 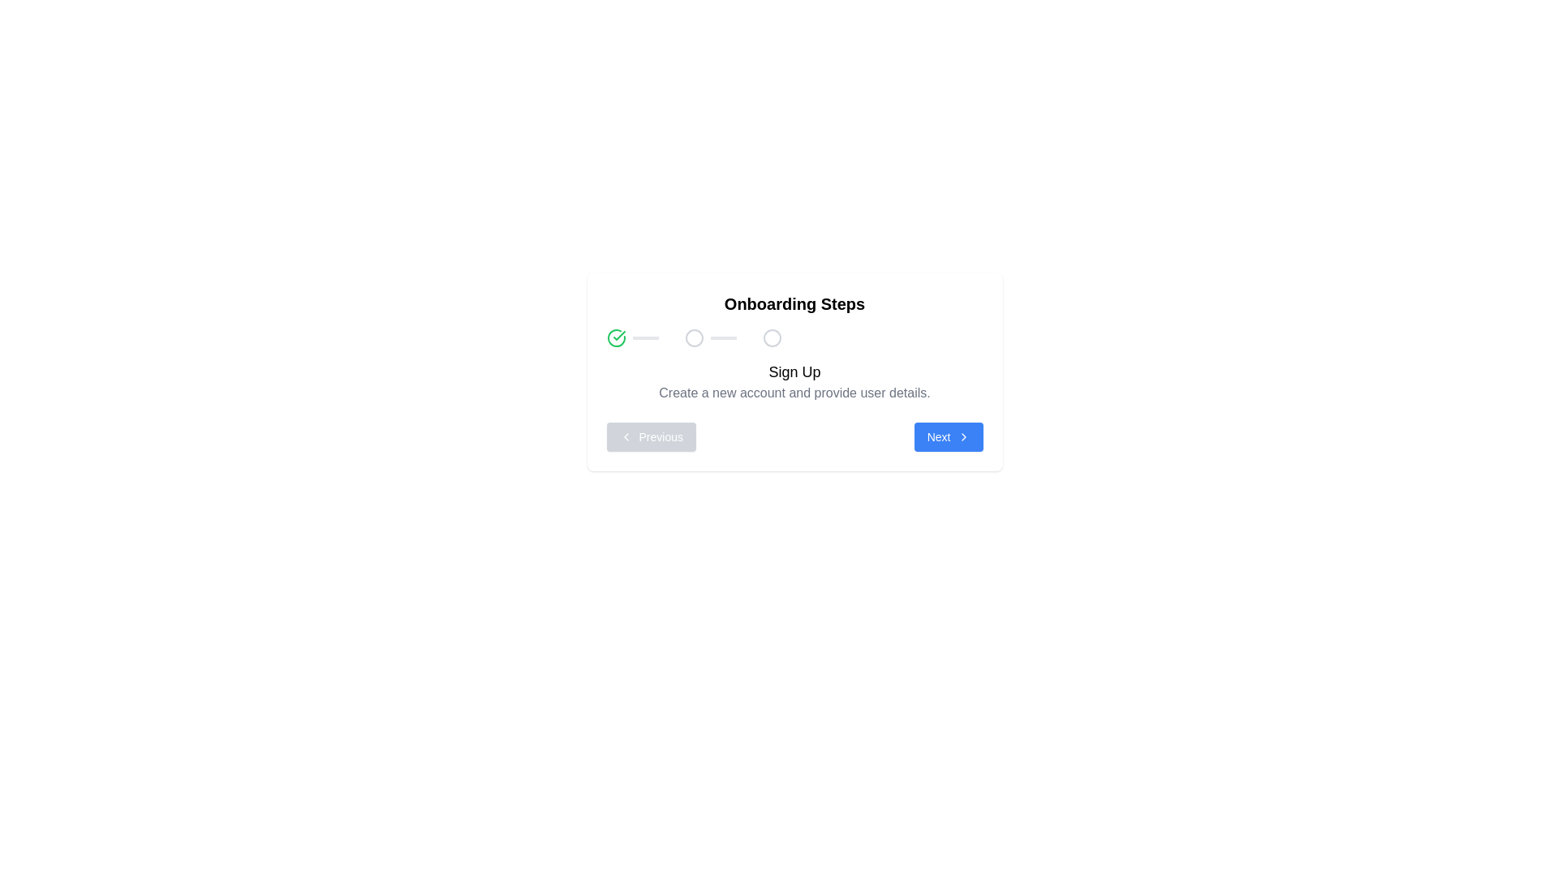 I want to click on the second circular step indicator in the onboarding progress bar, which is an outlined ring with no fill, located below the 'Onboarding Steps' text, so click(x=694, y=337).